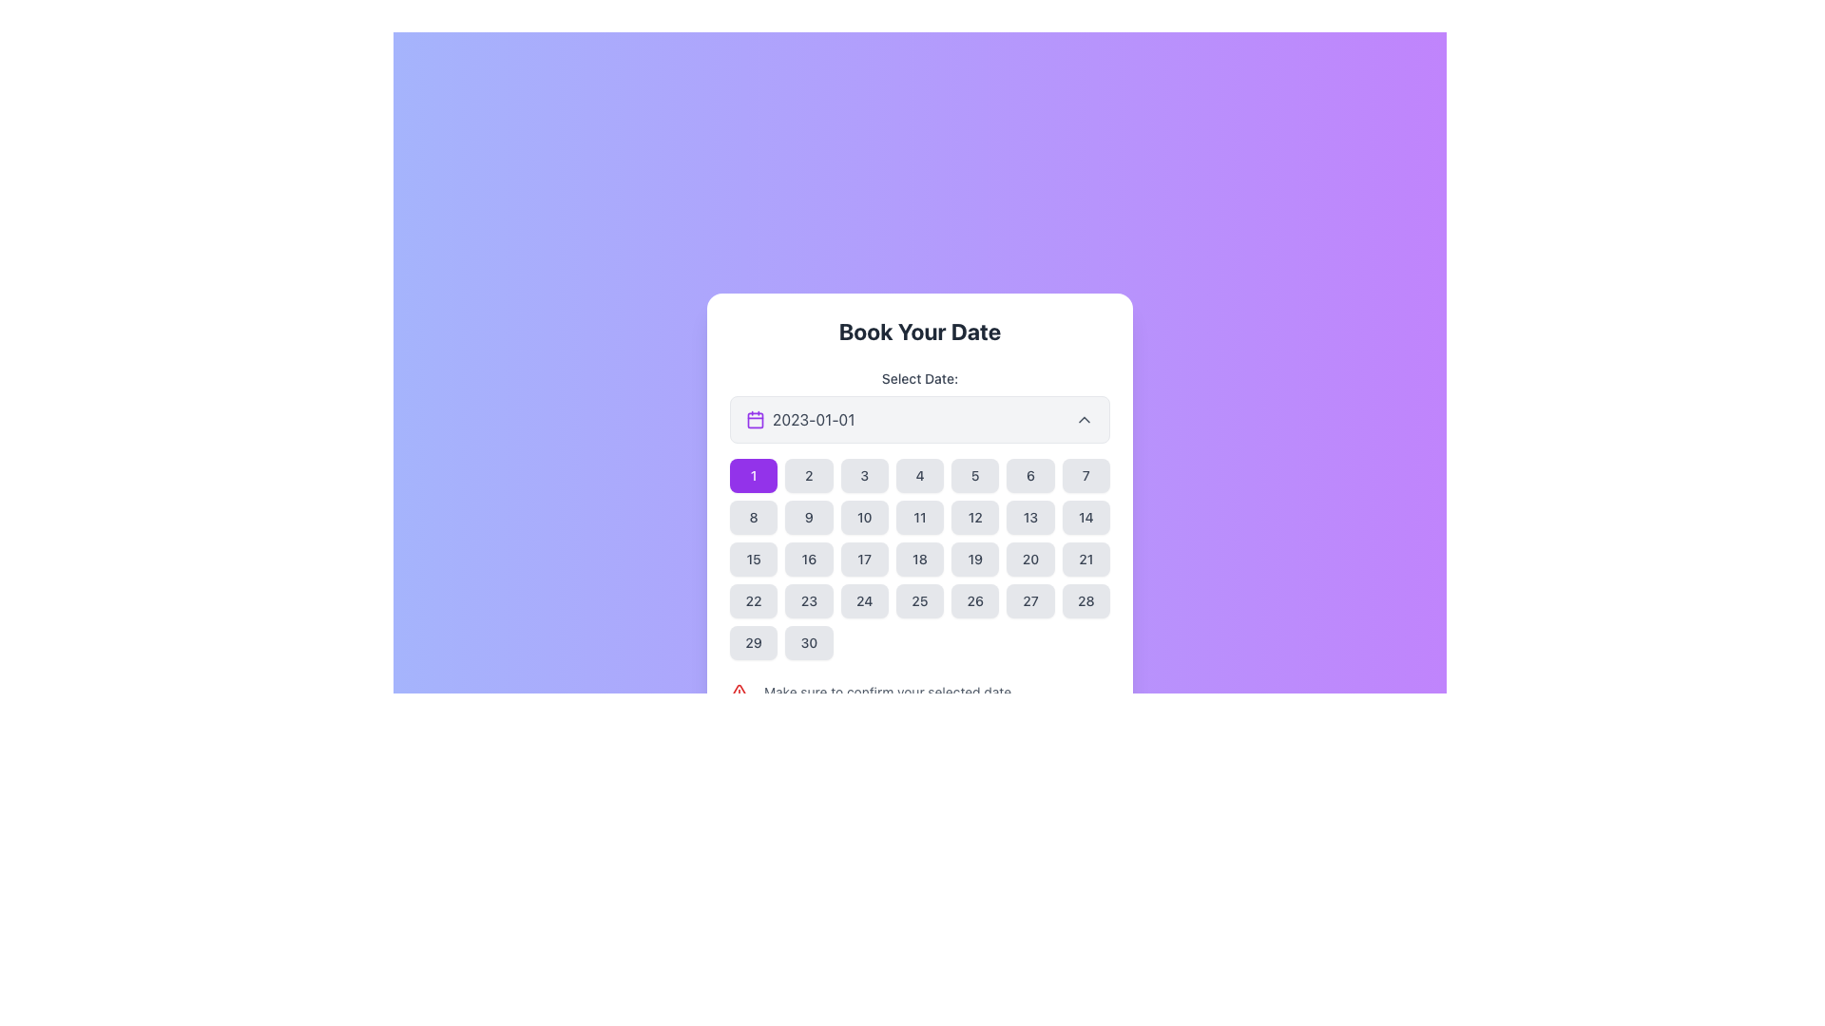 The width and height of the screenshot is (1825, 1026). Describe the element at coordinates (755, 419) in the screenshot. I see `the calendar icon component that visually represents the main body of the calendar for date selection, located above the text field displaying '2023-01-01'` at that location.